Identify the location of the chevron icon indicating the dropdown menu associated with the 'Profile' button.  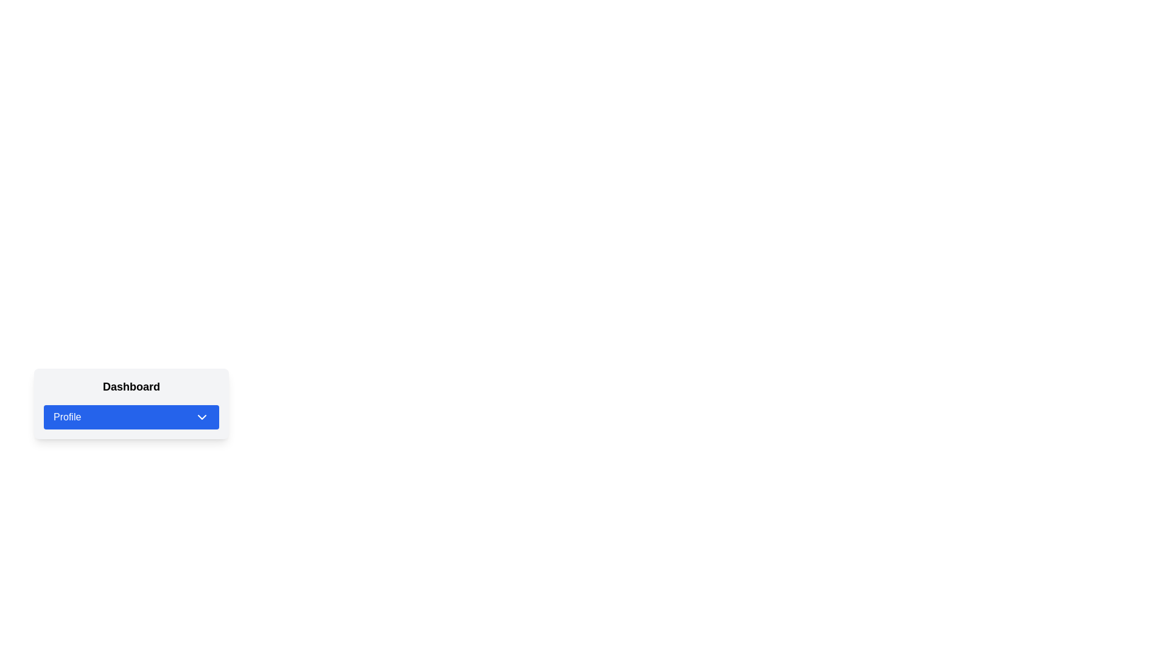
(202, 417).